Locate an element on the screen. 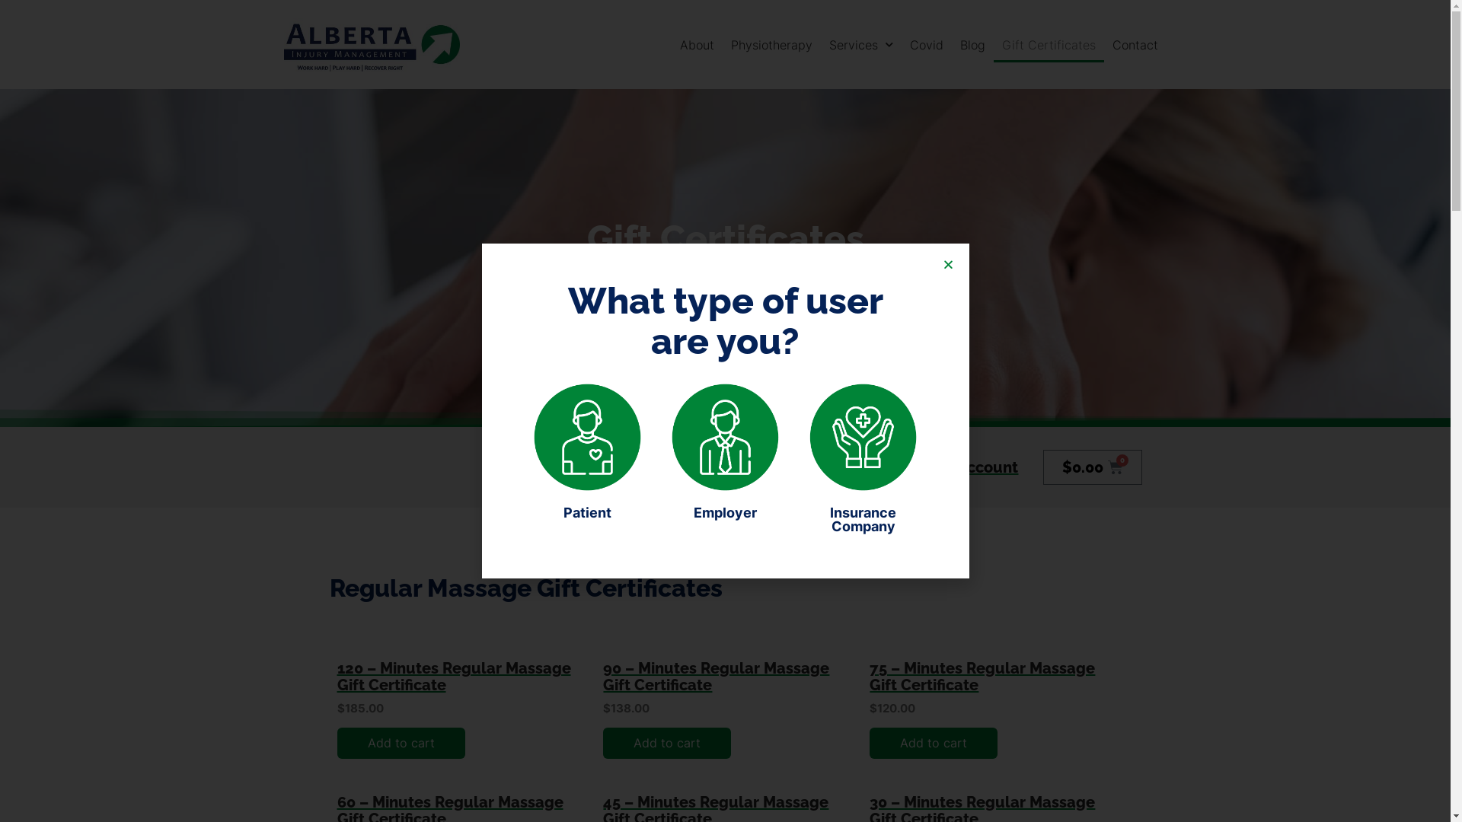  'Covid' is located at coordinates (926, 43).